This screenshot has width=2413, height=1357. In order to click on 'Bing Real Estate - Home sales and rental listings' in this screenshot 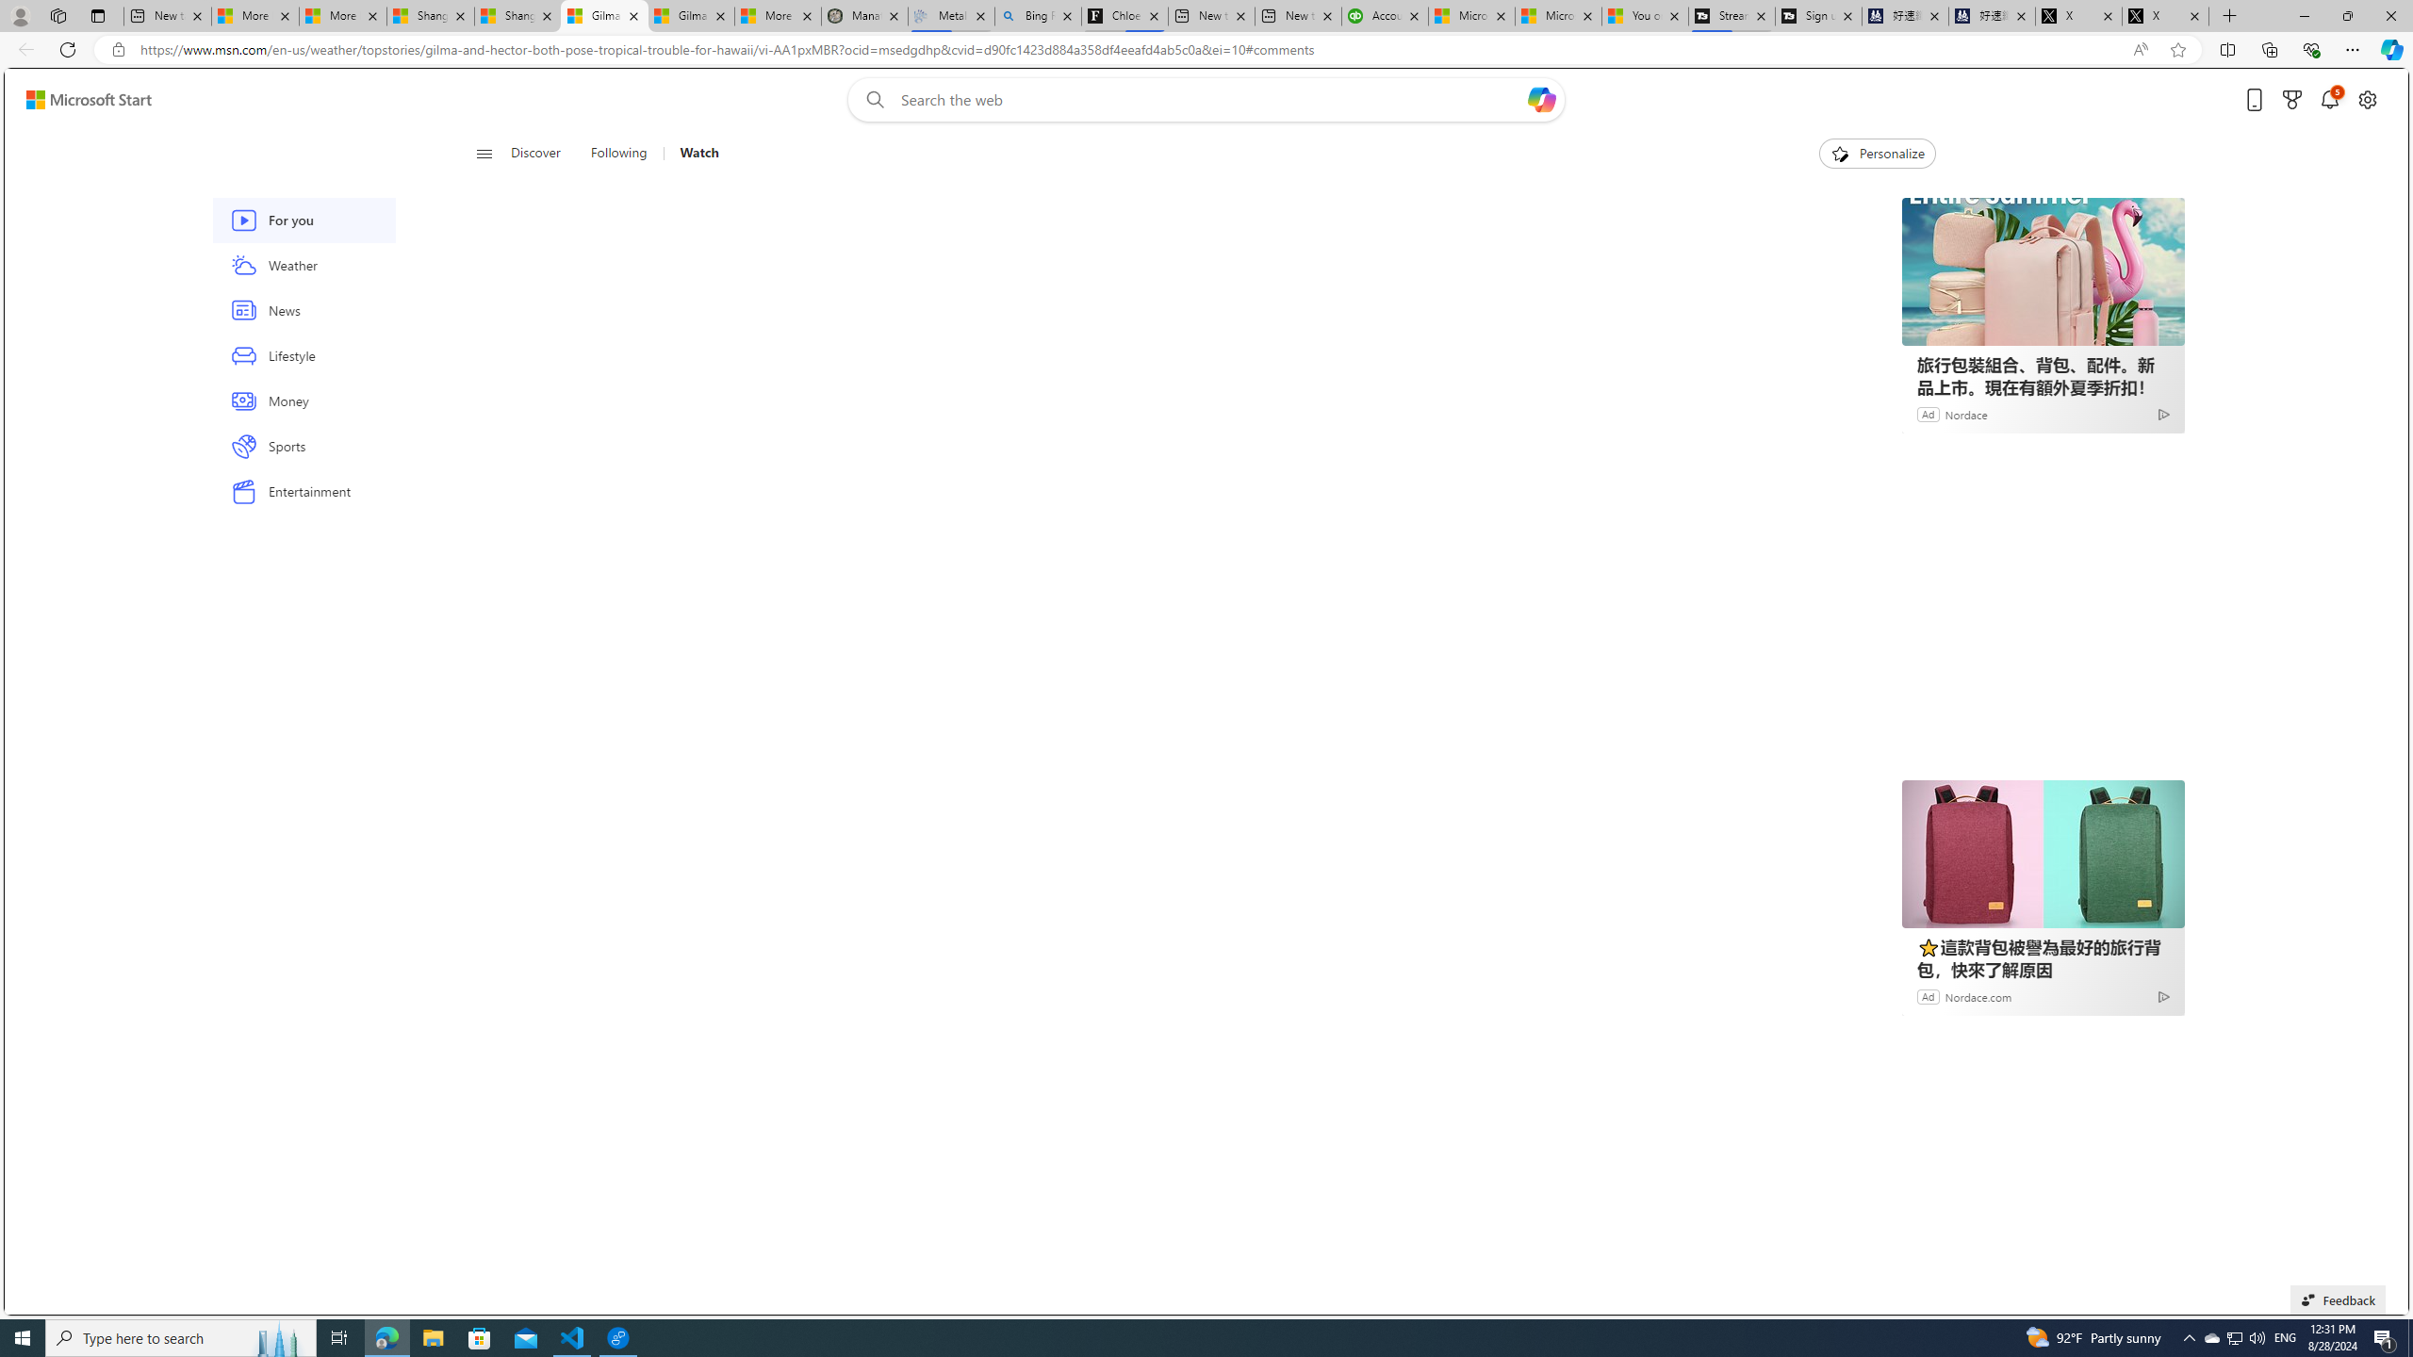, I will do `click(1038, 15)`.